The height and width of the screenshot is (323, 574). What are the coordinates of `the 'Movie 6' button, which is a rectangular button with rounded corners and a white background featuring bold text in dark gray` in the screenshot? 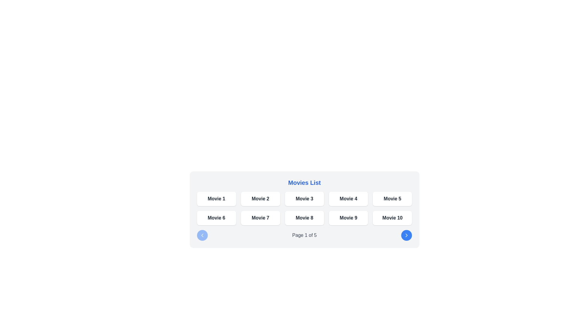 It's located at (216, 218).